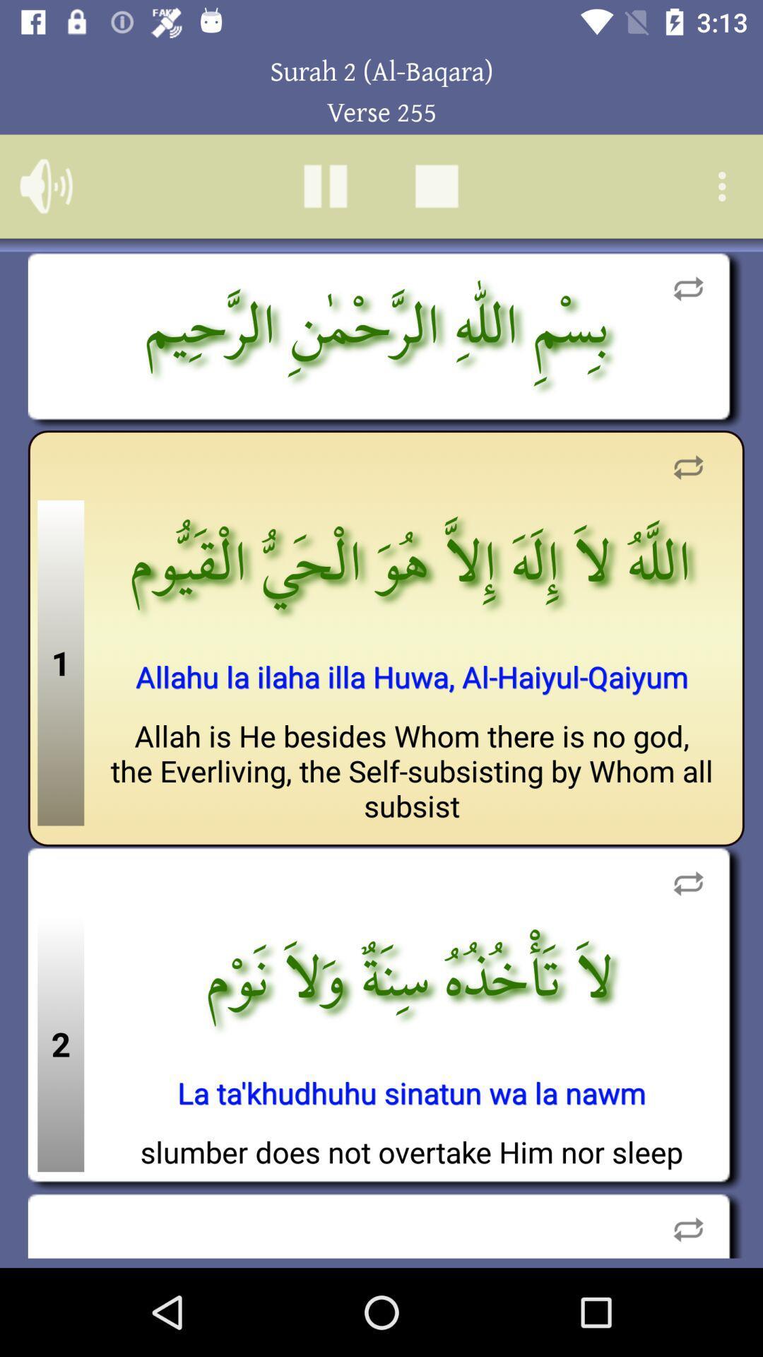 The image size is (763, 1357). What do you see at coordinates (436, 185) in the screenshot?
I see `stop button` at bounding box center [436, 185].